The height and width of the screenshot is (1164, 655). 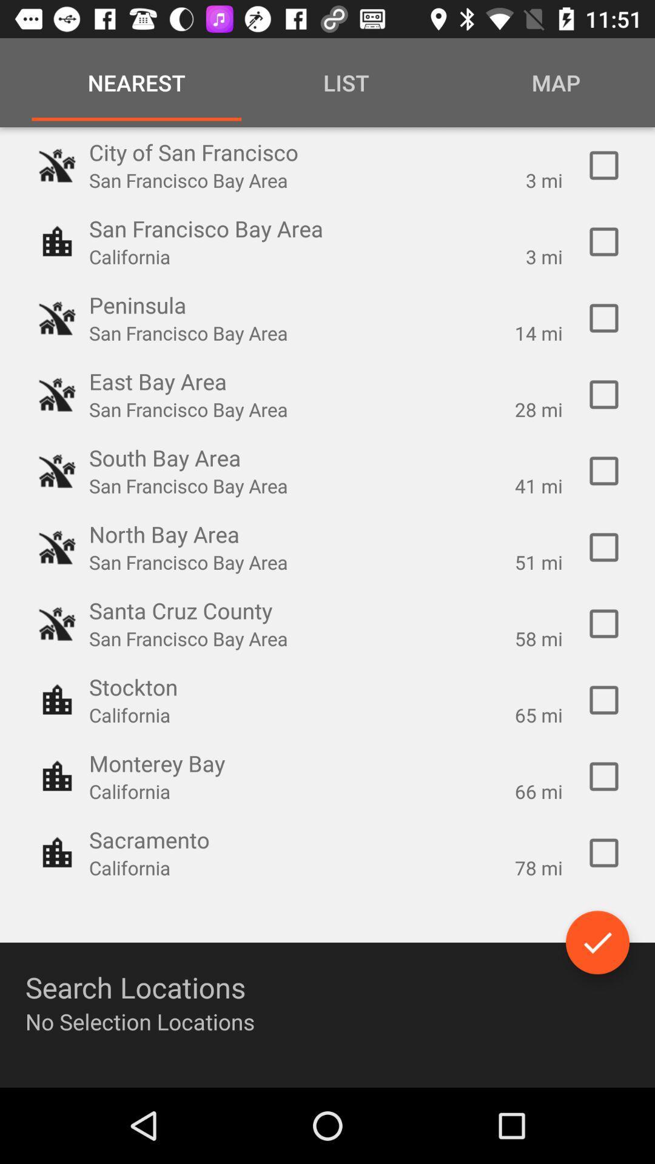 I want to click on the location, so click(x=603, y=470).